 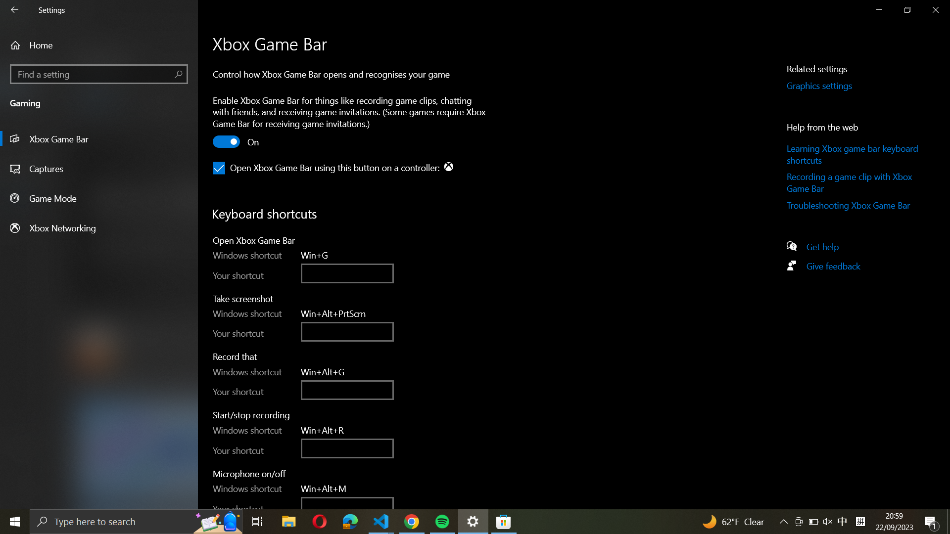 What do you see at coordinates (99, 227) in the screenshot?
I see `the Xbox Networking settings by utilizing the button on the left panel` at bounding box center [99, 227].